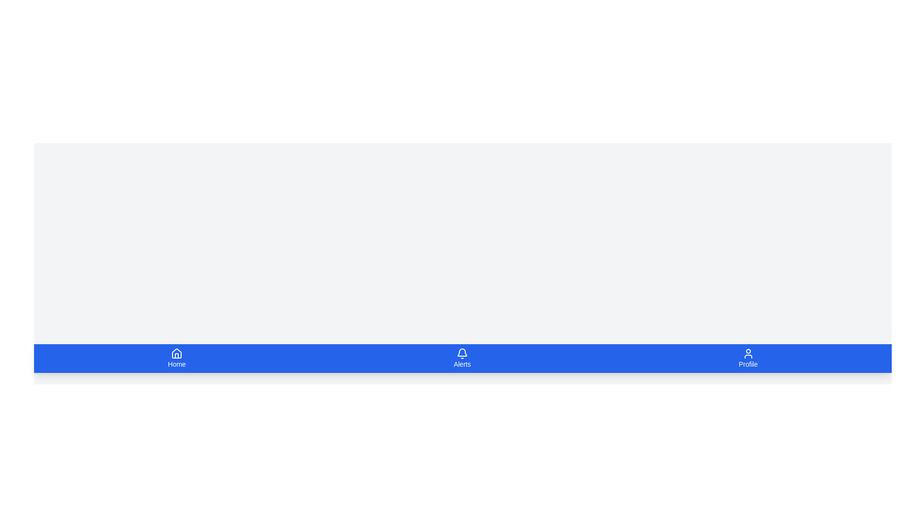  I want to click on the Alerts button with a bell icon on a blue background, so click(462, 358).